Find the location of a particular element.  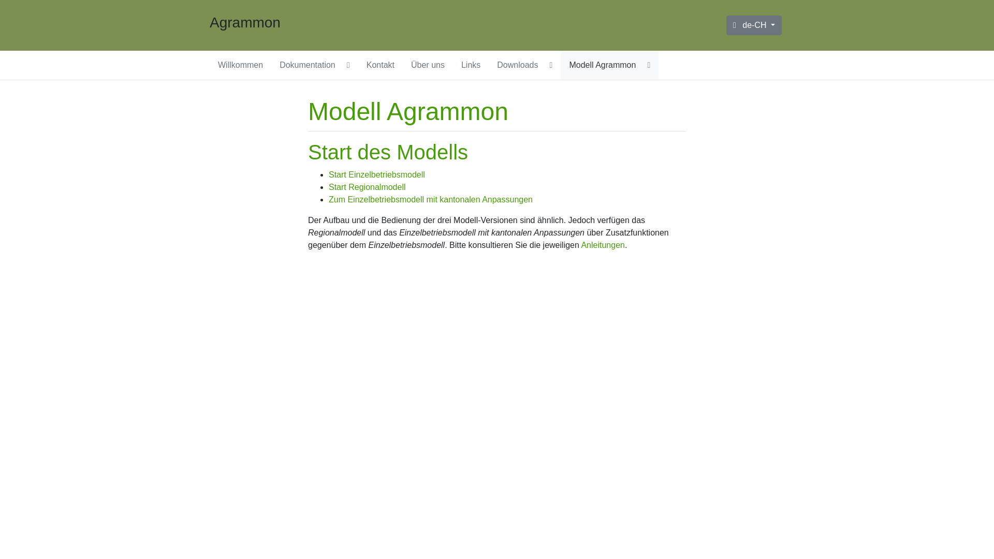

'Start Einzelbetriebsmodell' is located at coordinates (376, 174).